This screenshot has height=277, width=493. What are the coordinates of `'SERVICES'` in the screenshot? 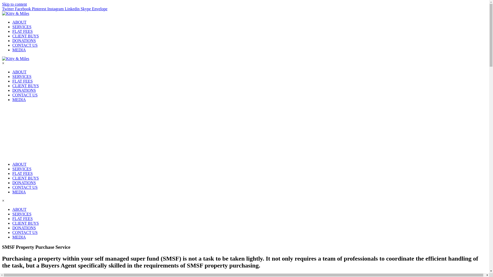 It's located at (22, 214).